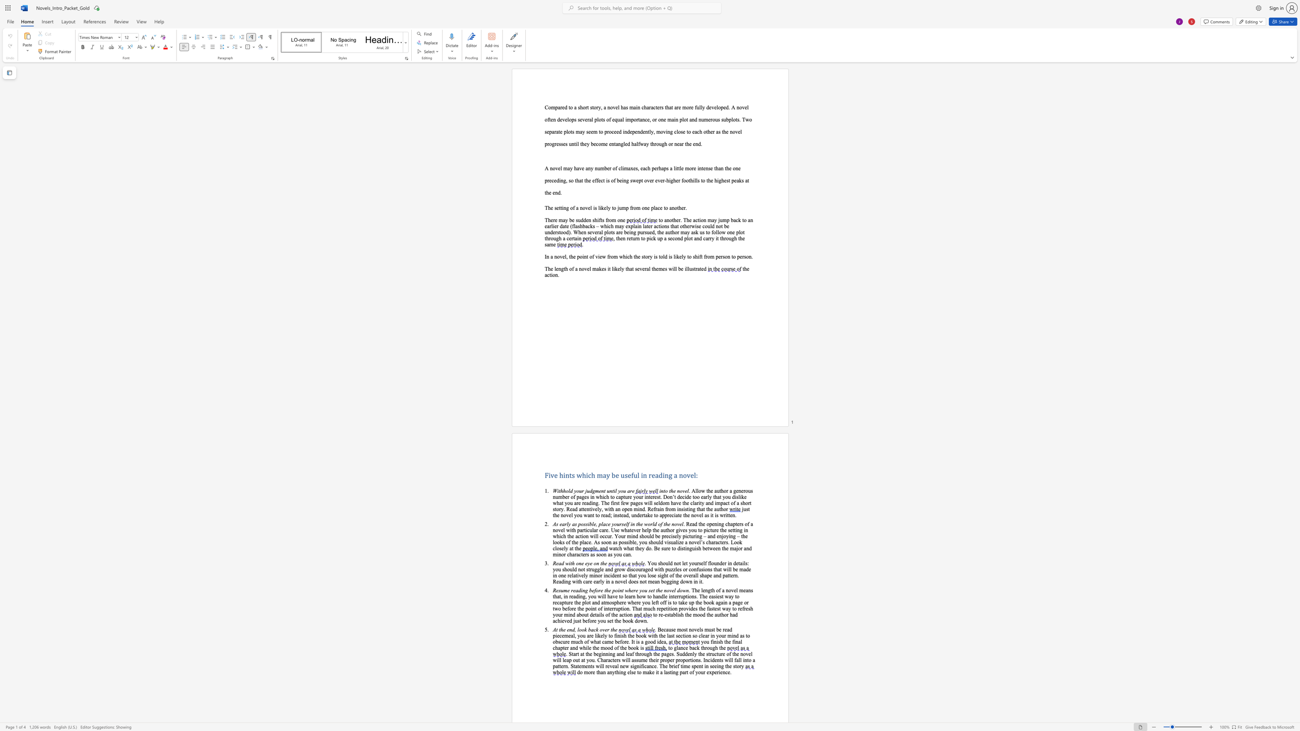  What do you see at coordinates (626, 524) in the screenshot?
I see `the subset text "lf in the worl" within the text "As early as possible, place yourself in the world of the novel"` at bounding box center [626, 524].